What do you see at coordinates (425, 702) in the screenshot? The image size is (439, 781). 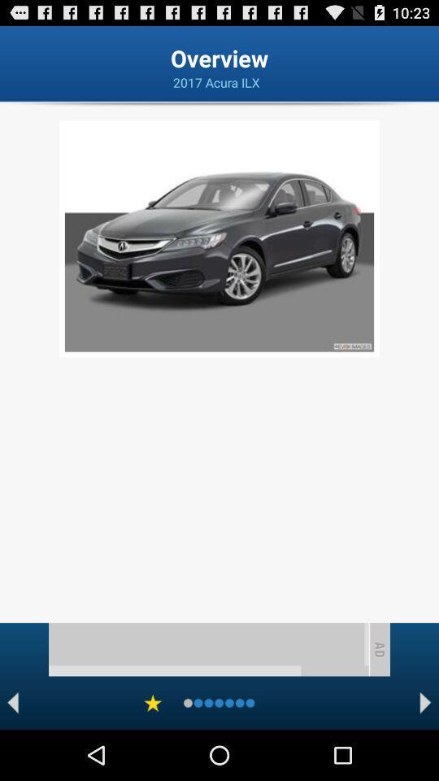 I see `the next image` at bounding box center [425, 702].